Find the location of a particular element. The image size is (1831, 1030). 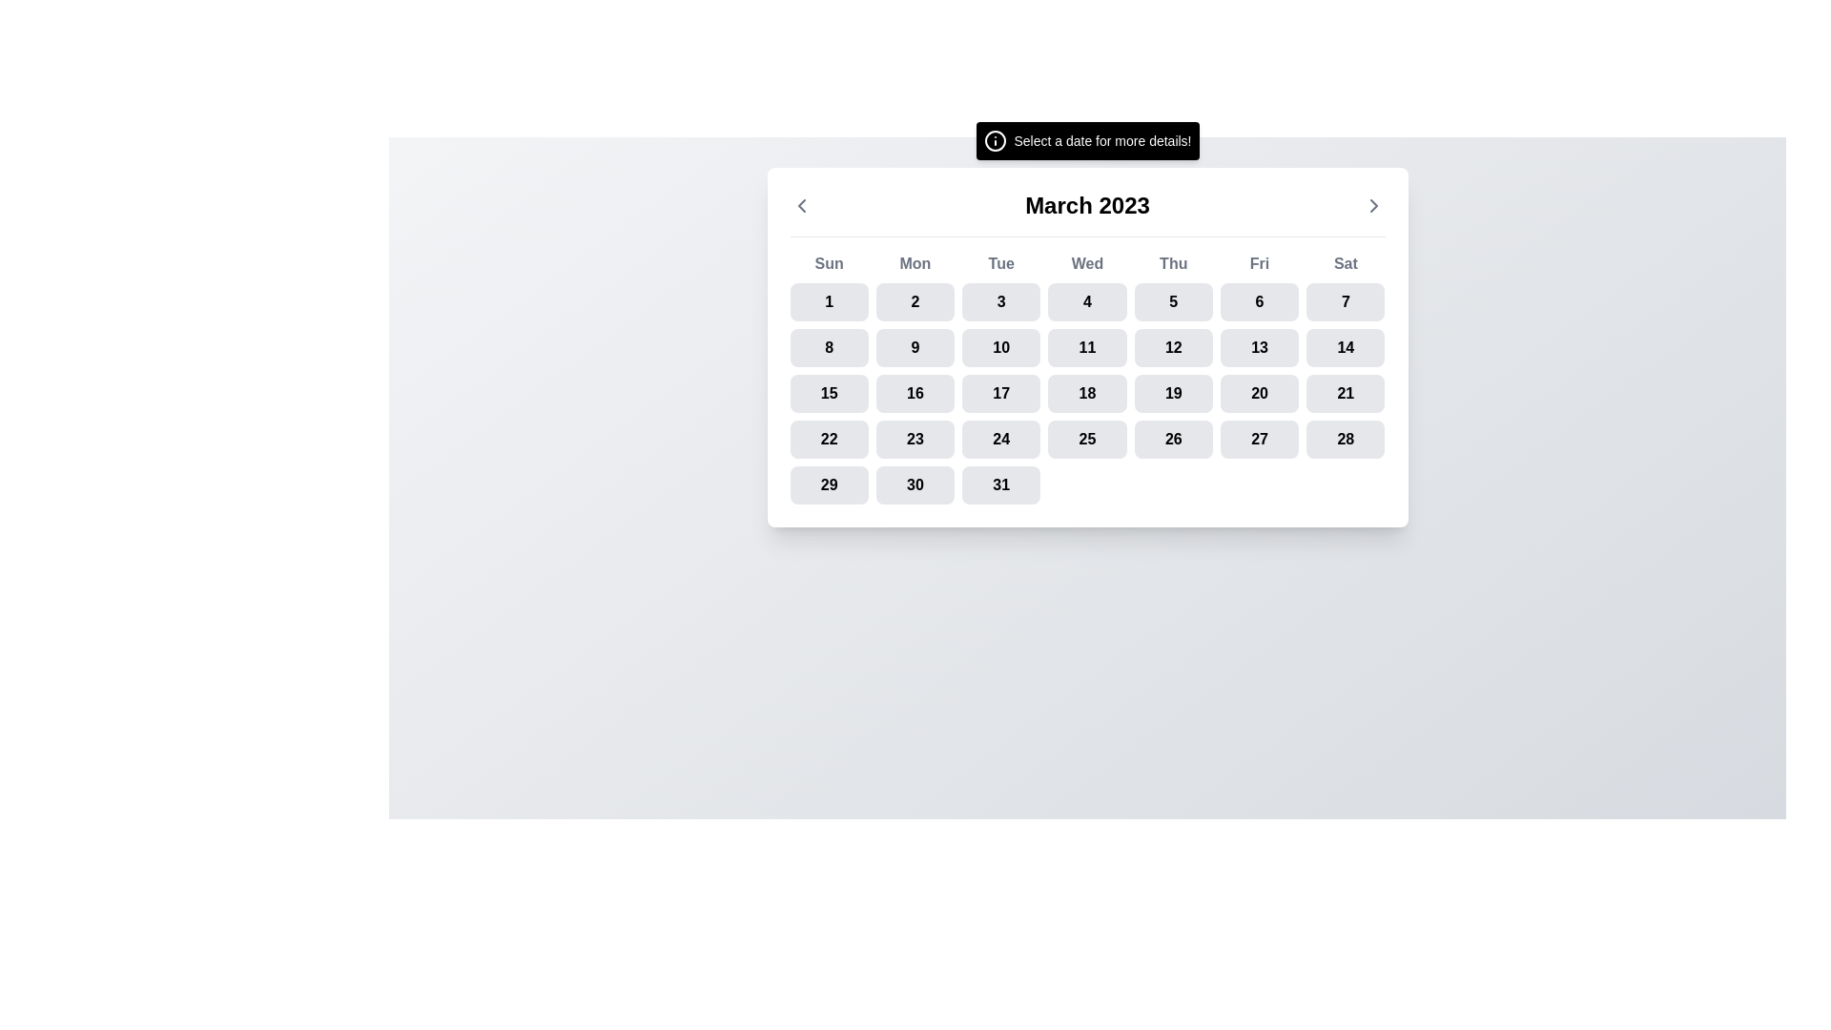

the button representing the 18th date of March 2023 is located at coordinates (1087, 392).